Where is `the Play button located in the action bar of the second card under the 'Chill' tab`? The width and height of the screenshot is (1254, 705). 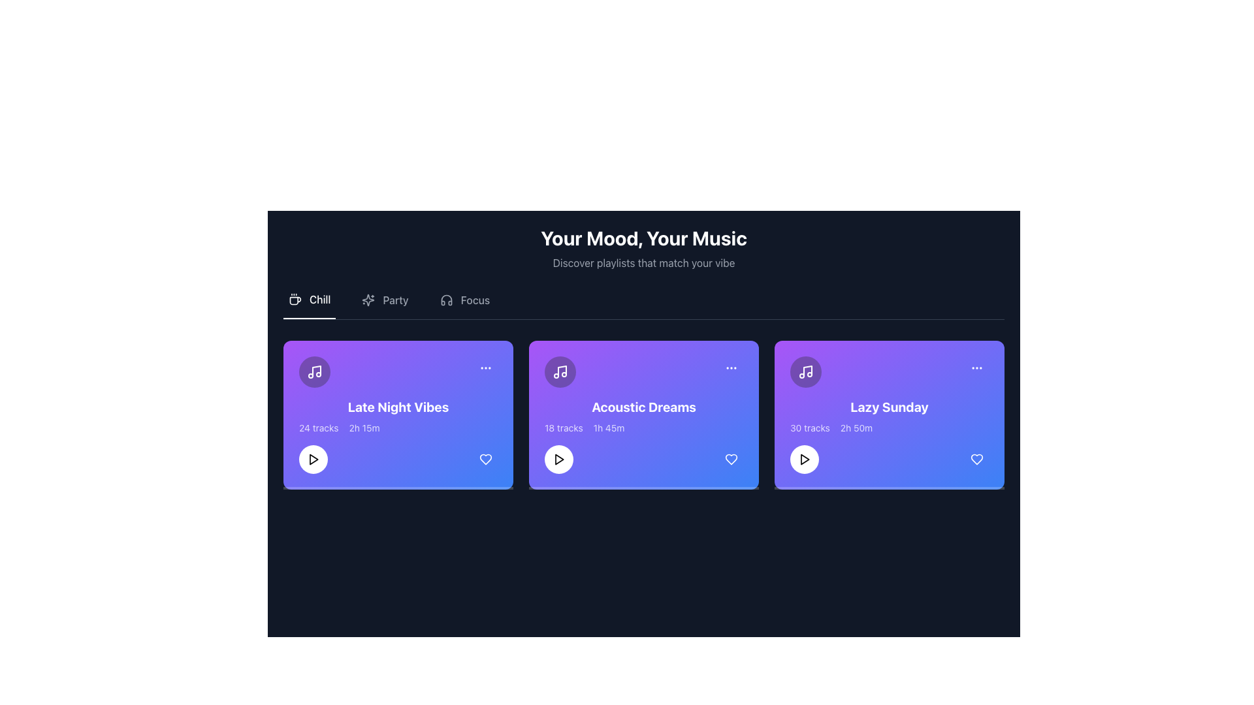 the Play button located in the action bar of the second card under the 'Chill' tab is located at coordinates (558, 459).